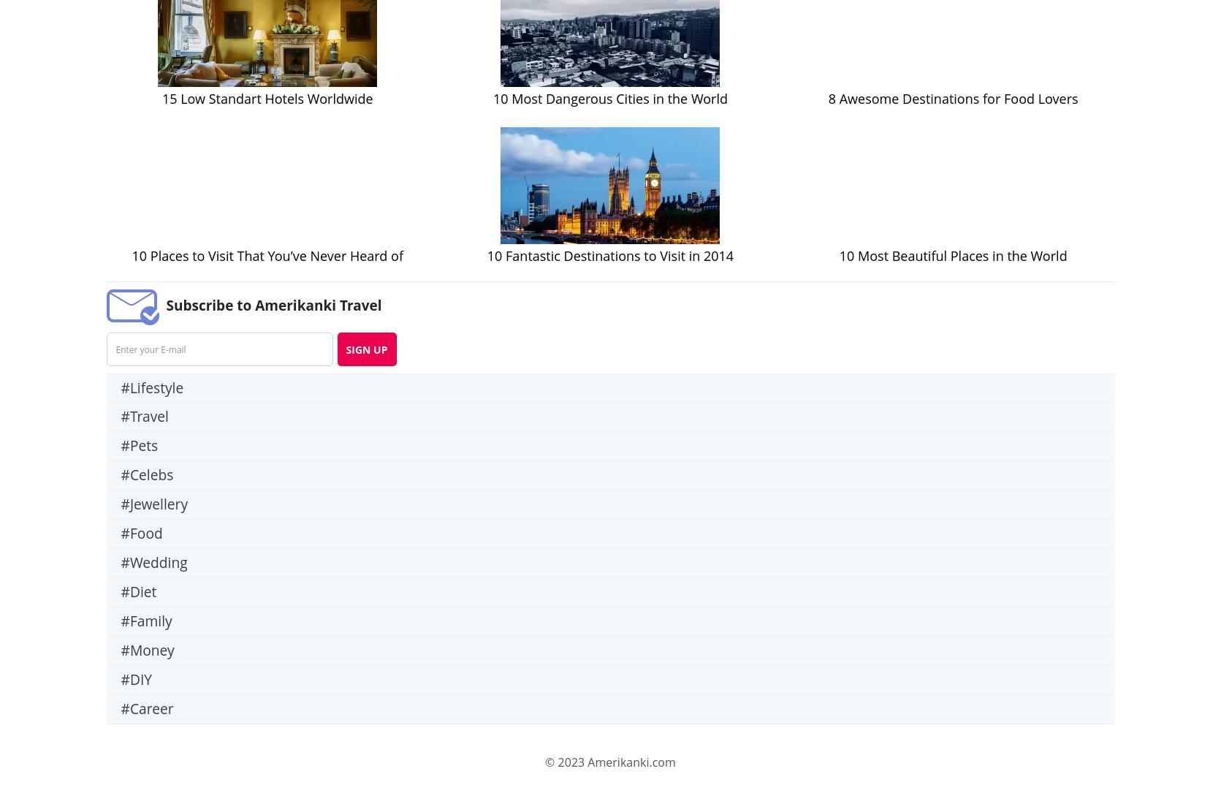 The height and width of the screenshot is (785, 1221). Describe the element at coordinates (609, 762) in the screenshot. I see `'© 2023 Amerikanki.com'` at that location.